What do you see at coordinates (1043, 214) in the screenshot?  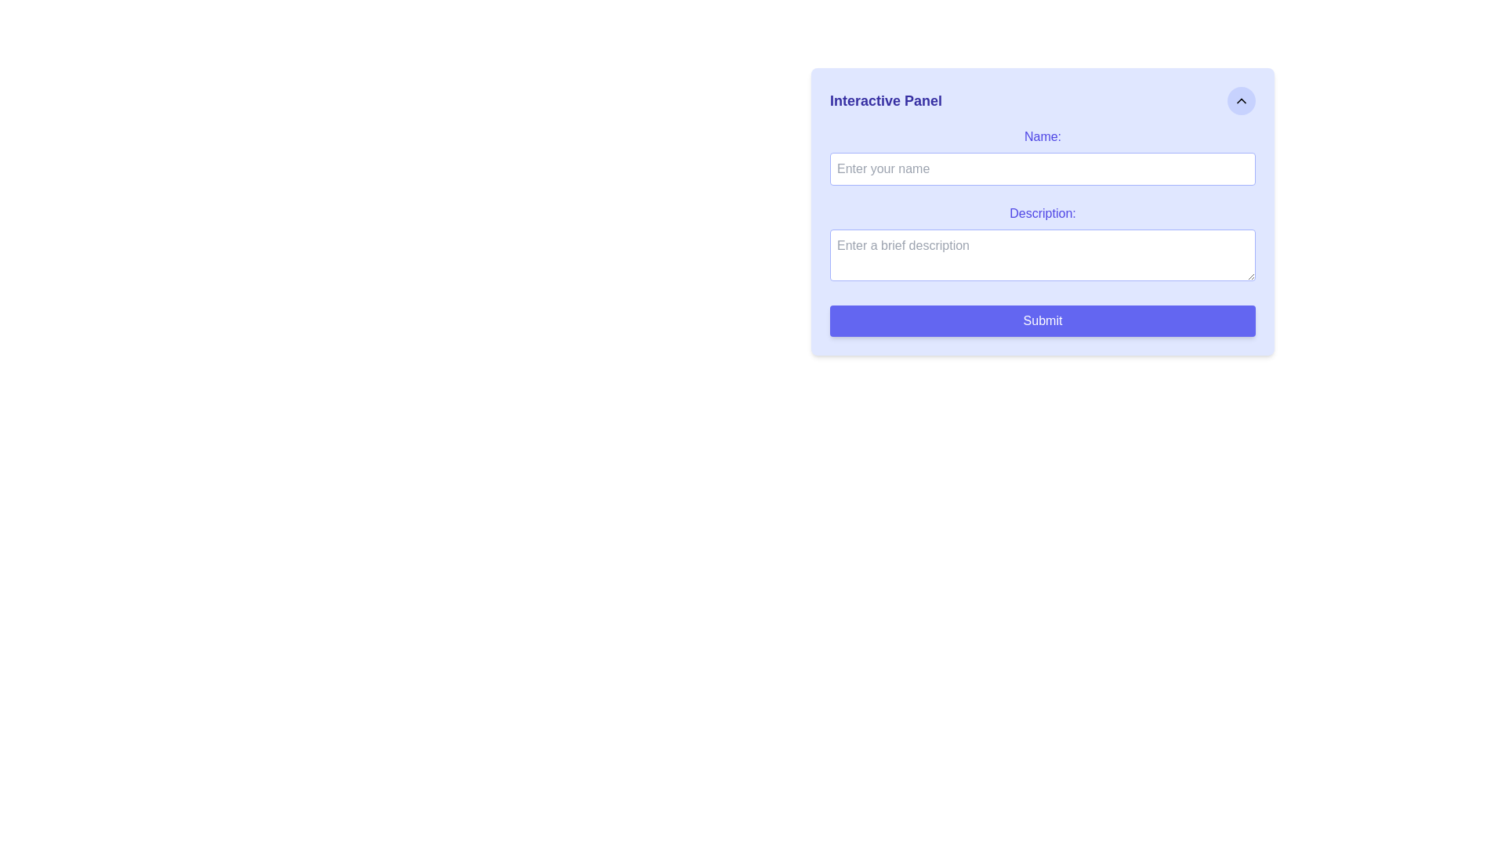 I see `the text label displaying 'Description:' in purple, positioned below the 'Name:' input field and above the description input area` at bounding box center [1043, 214].